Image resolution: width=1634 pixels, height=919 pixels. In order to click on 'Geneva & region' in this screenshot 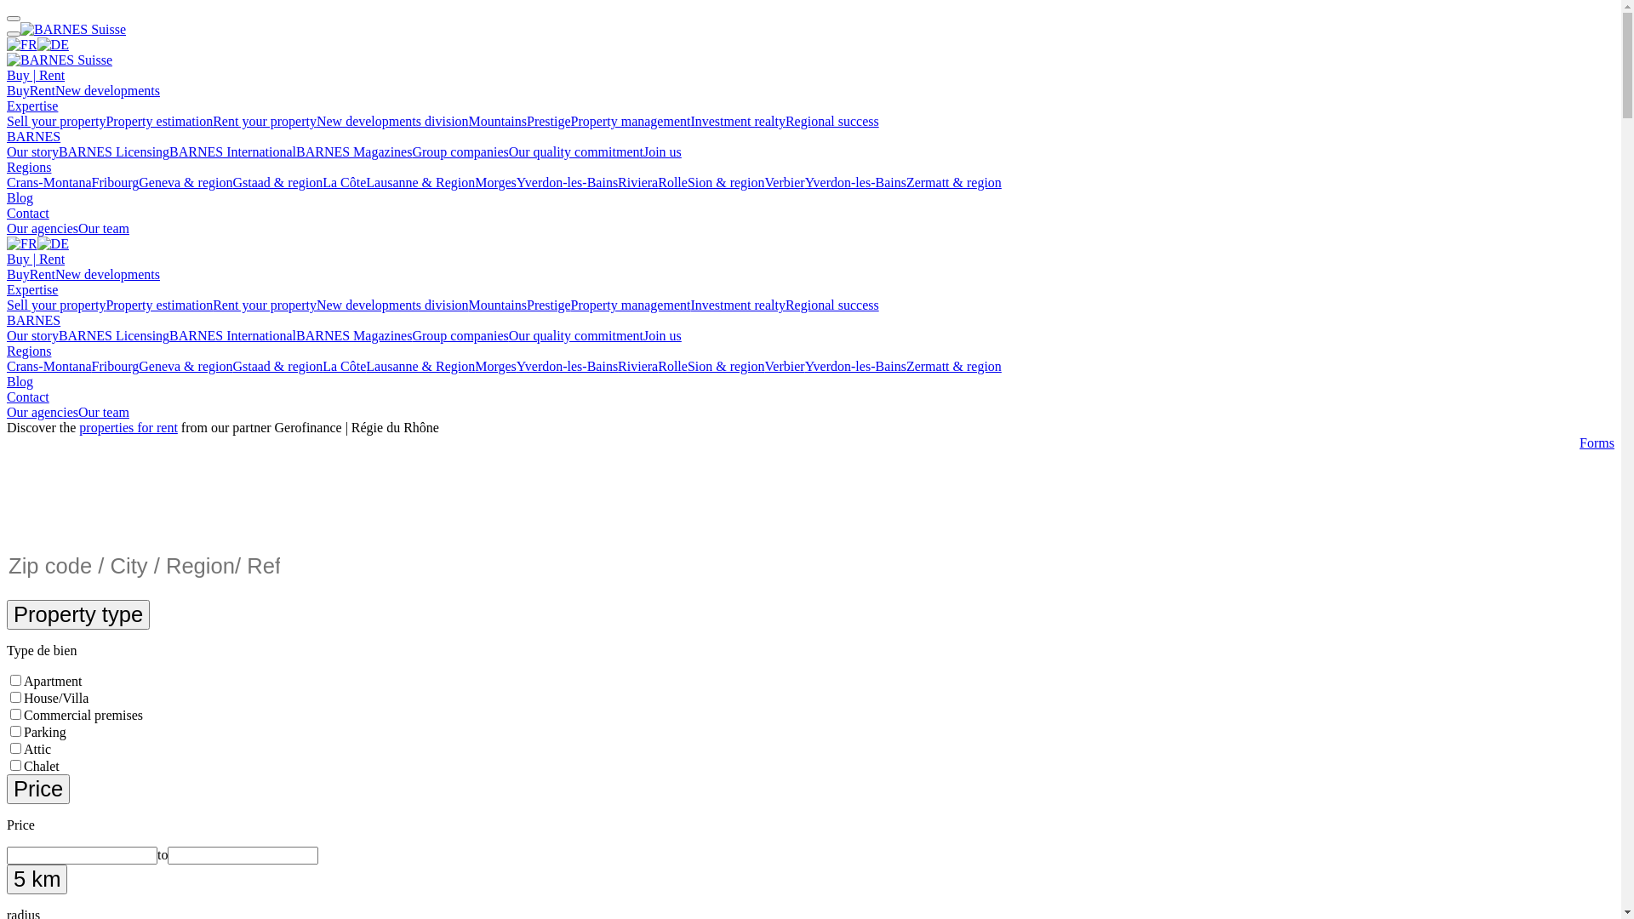, I will do `click(185, 182)`.